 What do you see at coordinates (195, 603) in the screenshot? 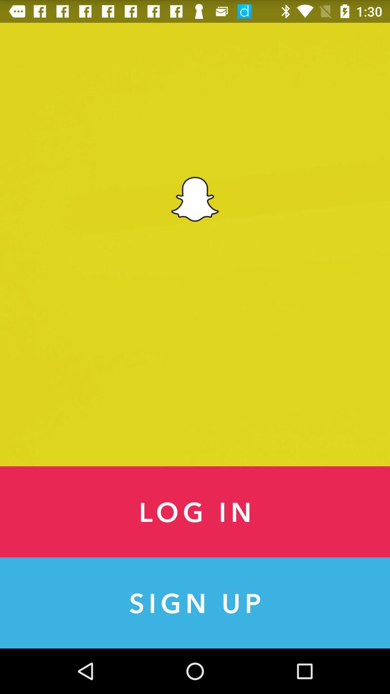
I see `item below log in icon` at bounding box center [195, 603].